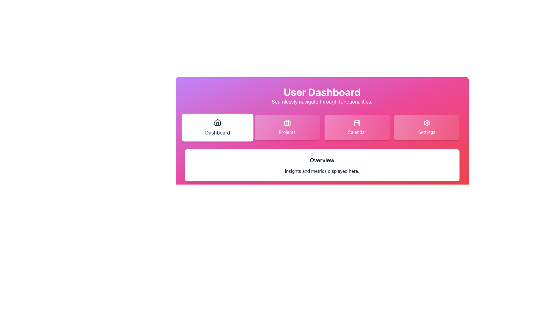  Describe the element at coordinates (217, 132) in the screenshot. I see `text label 'Dashboard' located at the bottom of the gray card with rounded corners, below the house icon` at that location.